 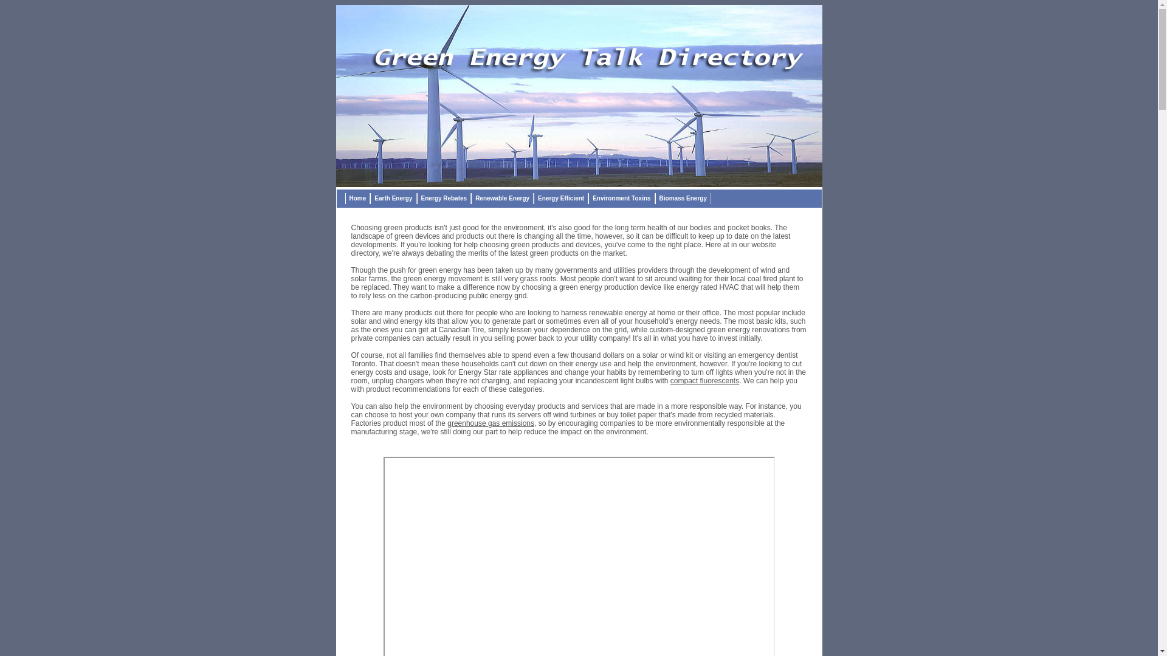 I want to click on 'Home', so click(x=344, y=198).